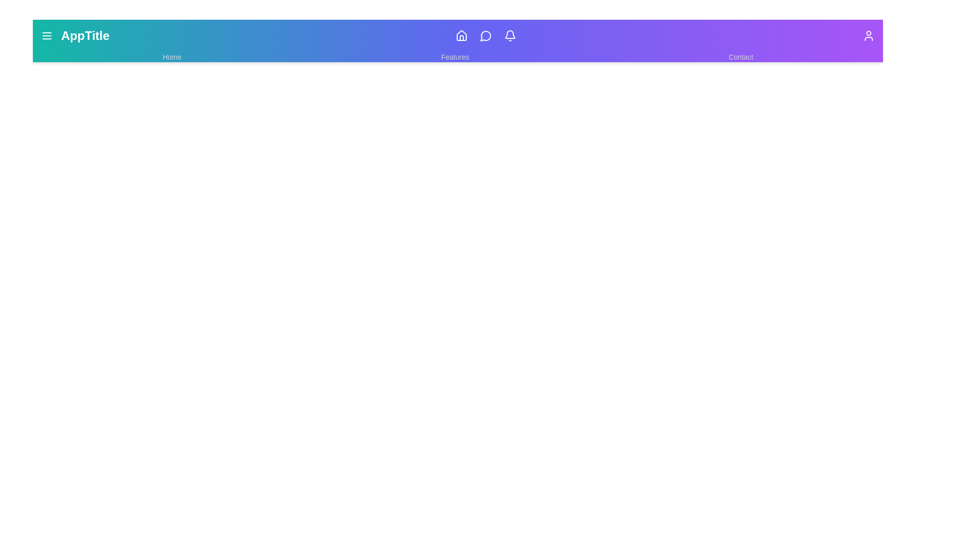  I want to click on the user icon to access the user profile, so click(868, 35).